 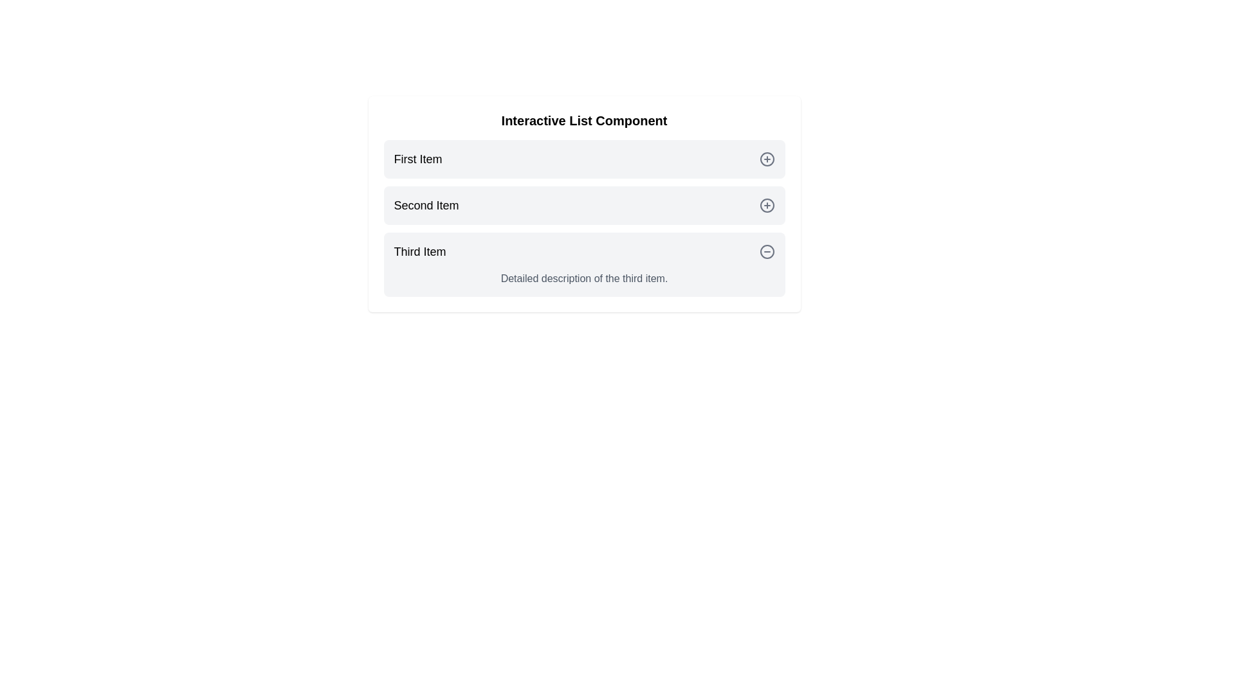 I want to click on the heading 'Interactive List Component' to interact with it, so click(x=583, y=121).